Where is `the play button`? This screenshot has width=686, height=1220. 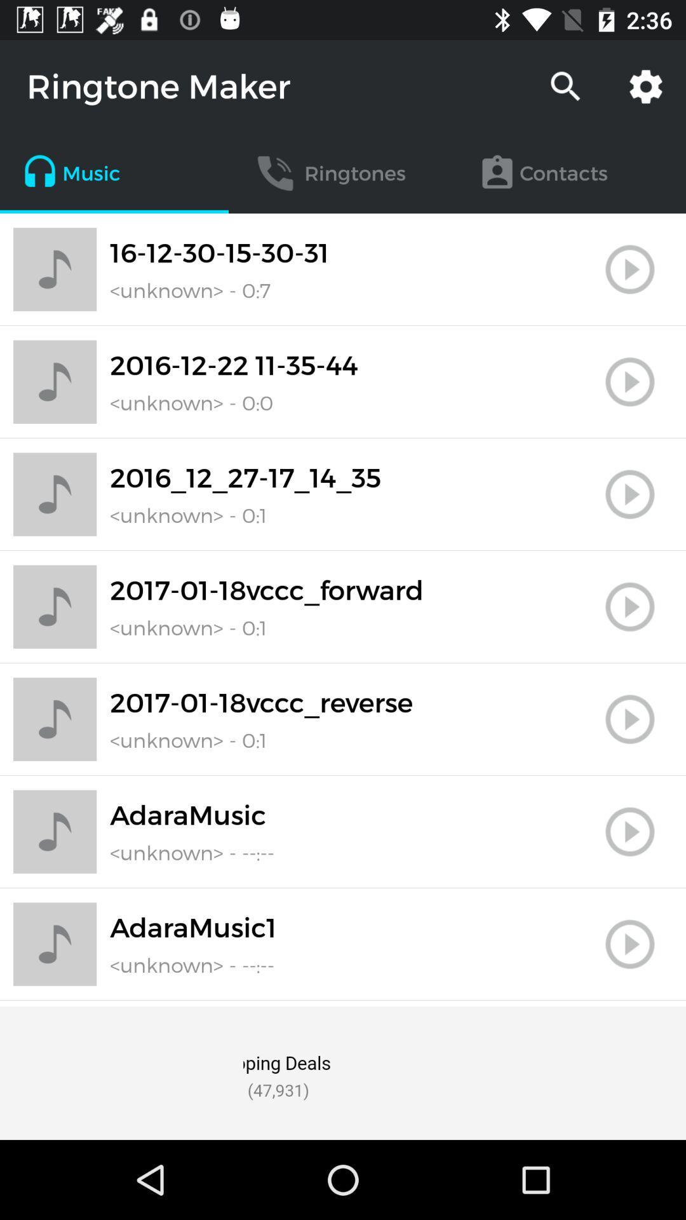
the play button is located at coordinates (629, 944).